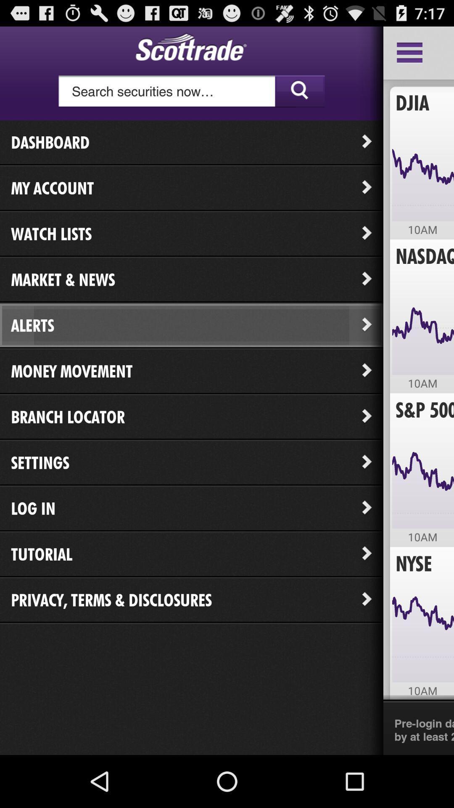  I want to click on cursor to search bar, so click(191, 91).